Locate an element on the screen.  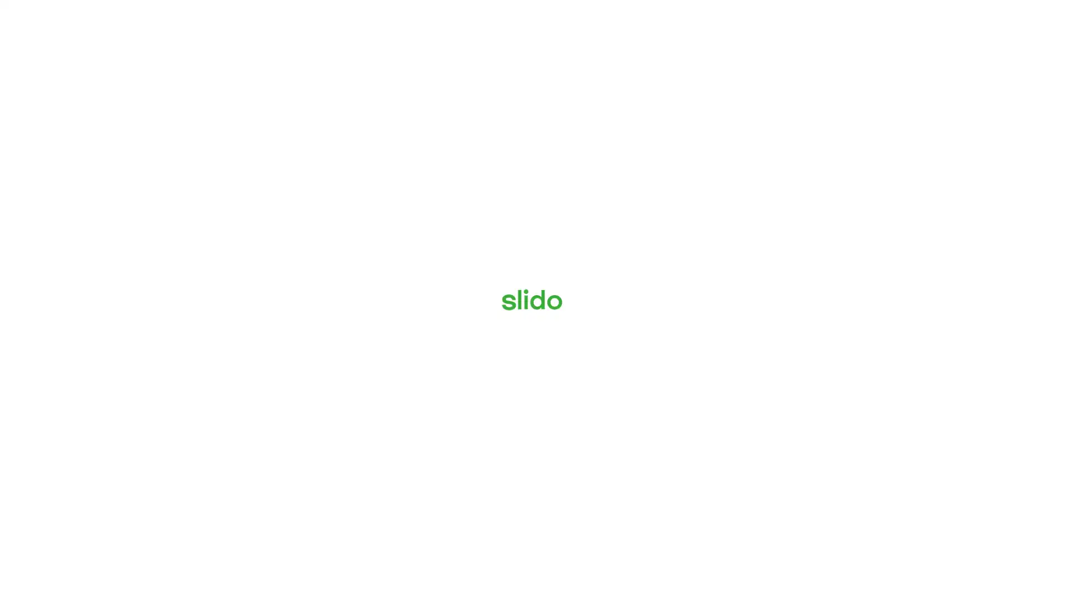
25 votes, Upvote question is located at coordinates (983, 292).